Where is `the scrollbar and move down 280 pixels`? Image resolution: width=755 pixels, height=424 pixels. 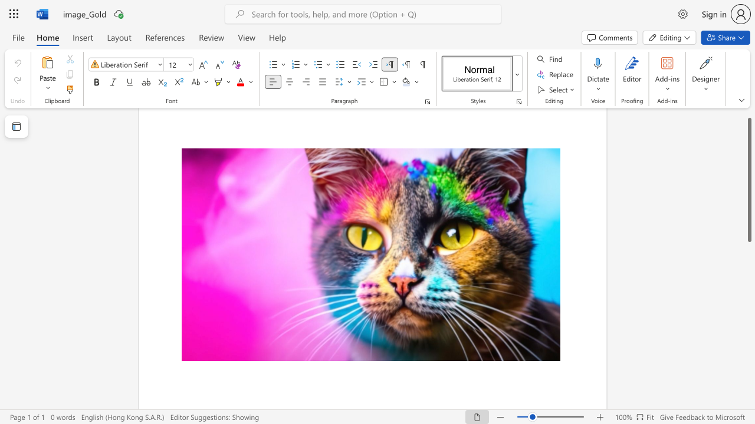 the scrollbar and move down 280 pixels is located at coordinates (749, 180).